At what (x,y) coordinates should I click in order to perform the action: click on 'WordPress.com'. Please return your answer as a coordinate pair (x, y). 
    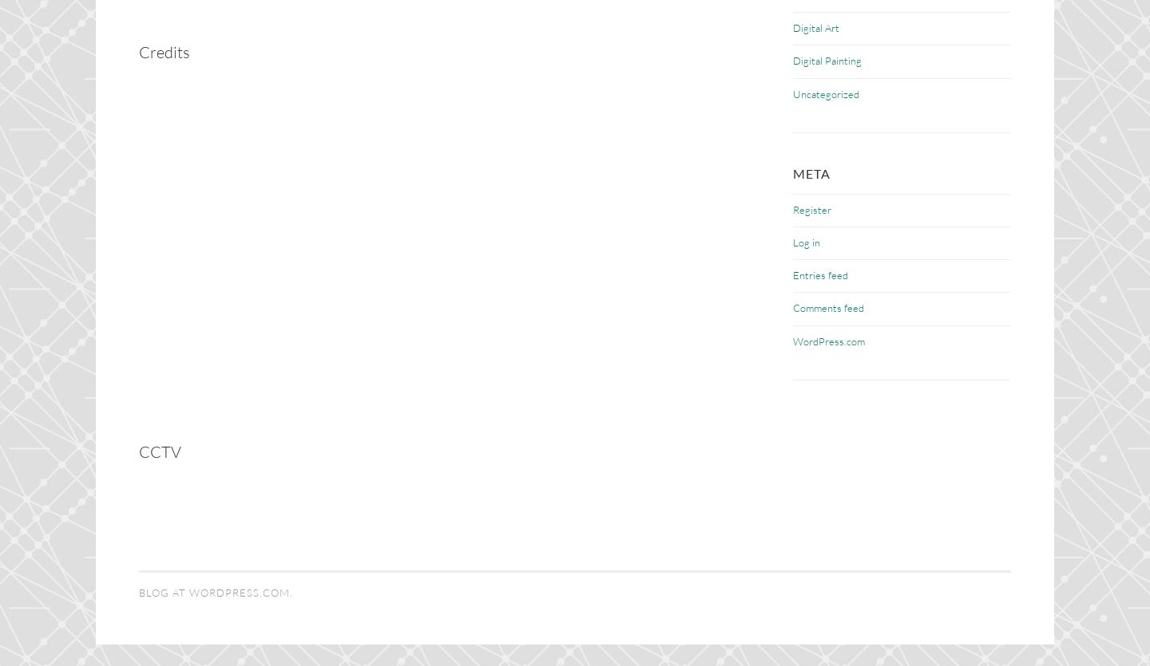
    Looking at the image, I should click on (828, 340).